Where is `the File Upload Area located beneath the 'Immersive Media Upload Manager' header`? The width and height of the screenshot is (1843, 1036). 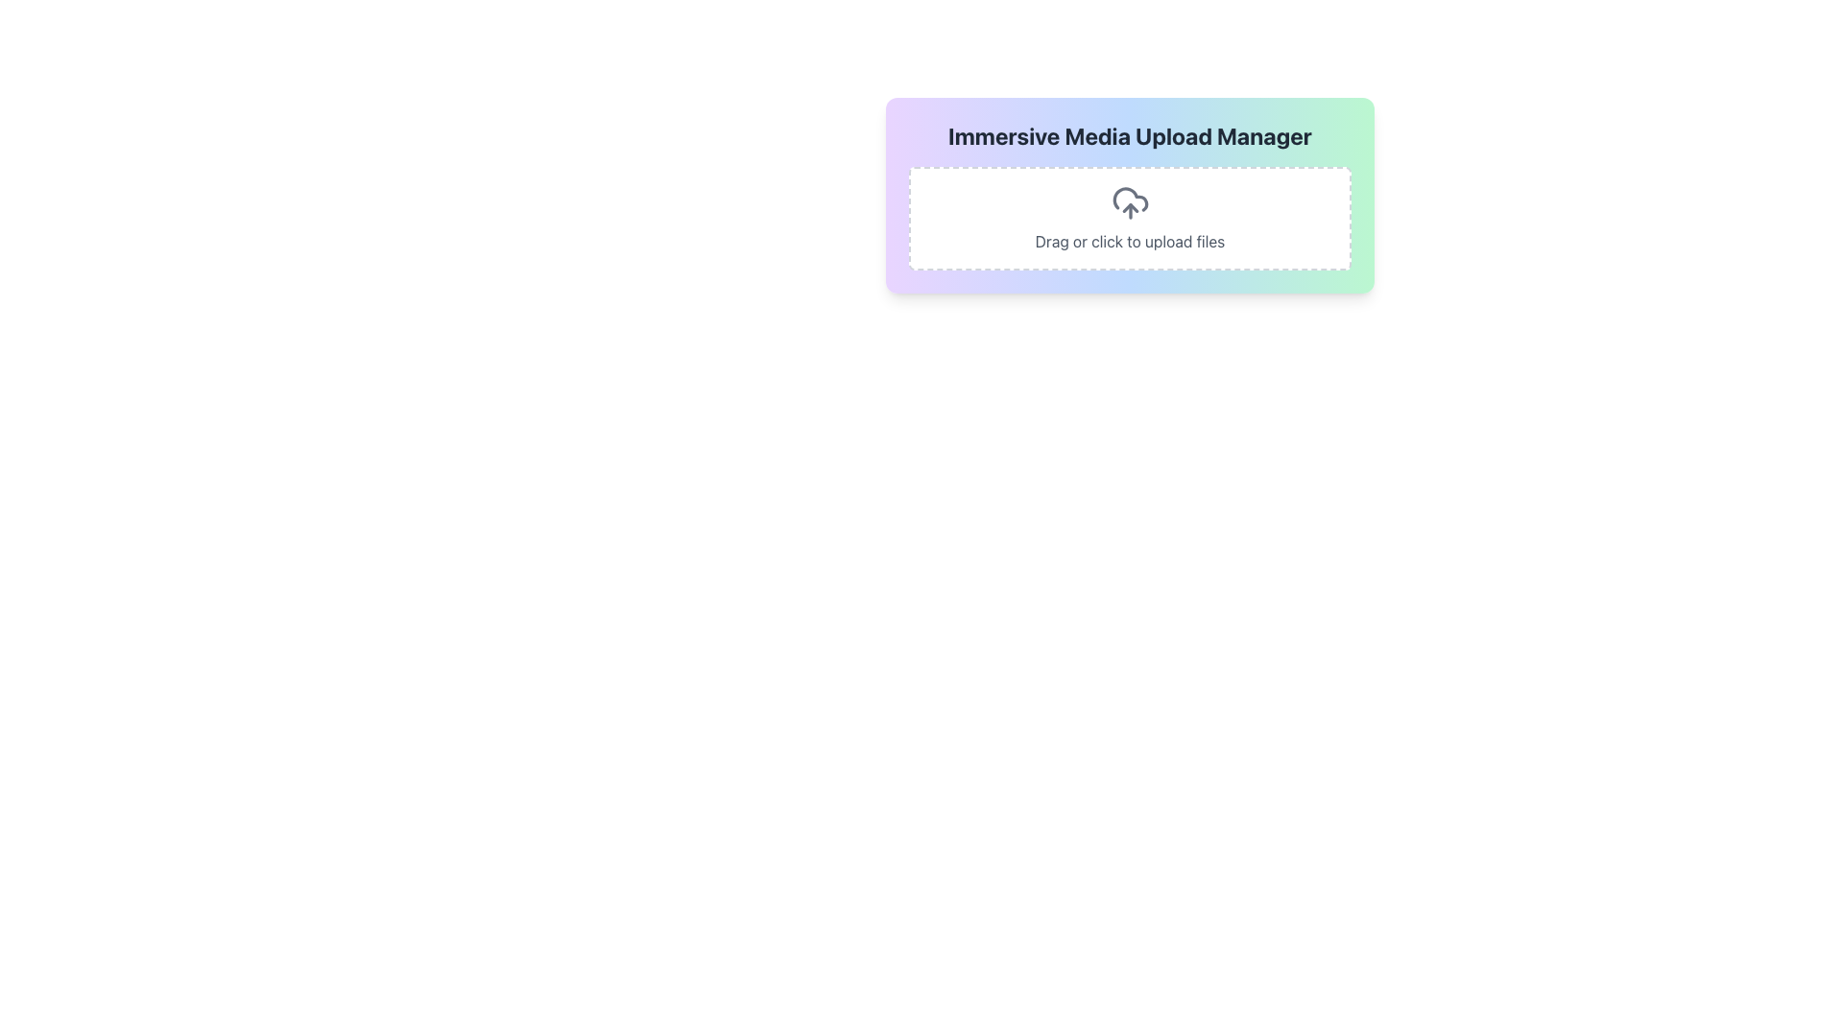 the File Upload Area located beneath the 'Immersive Media Upload Manager' header is located at coordinates (1130, 217).